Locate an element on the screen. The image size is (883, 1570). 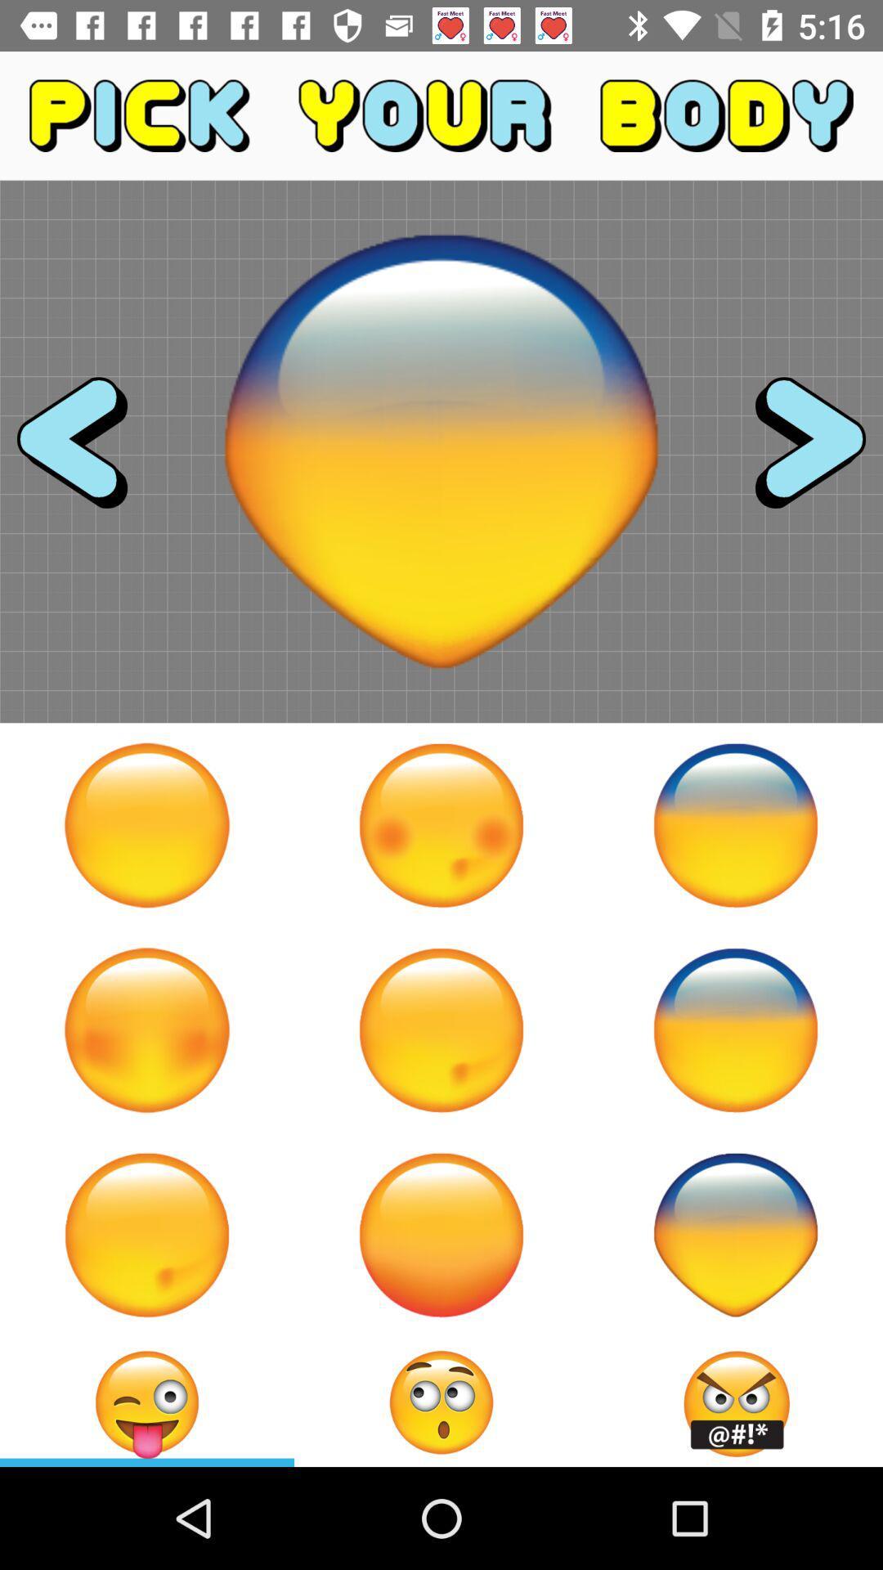
scroll to the left is located at coordinates (87, 451).